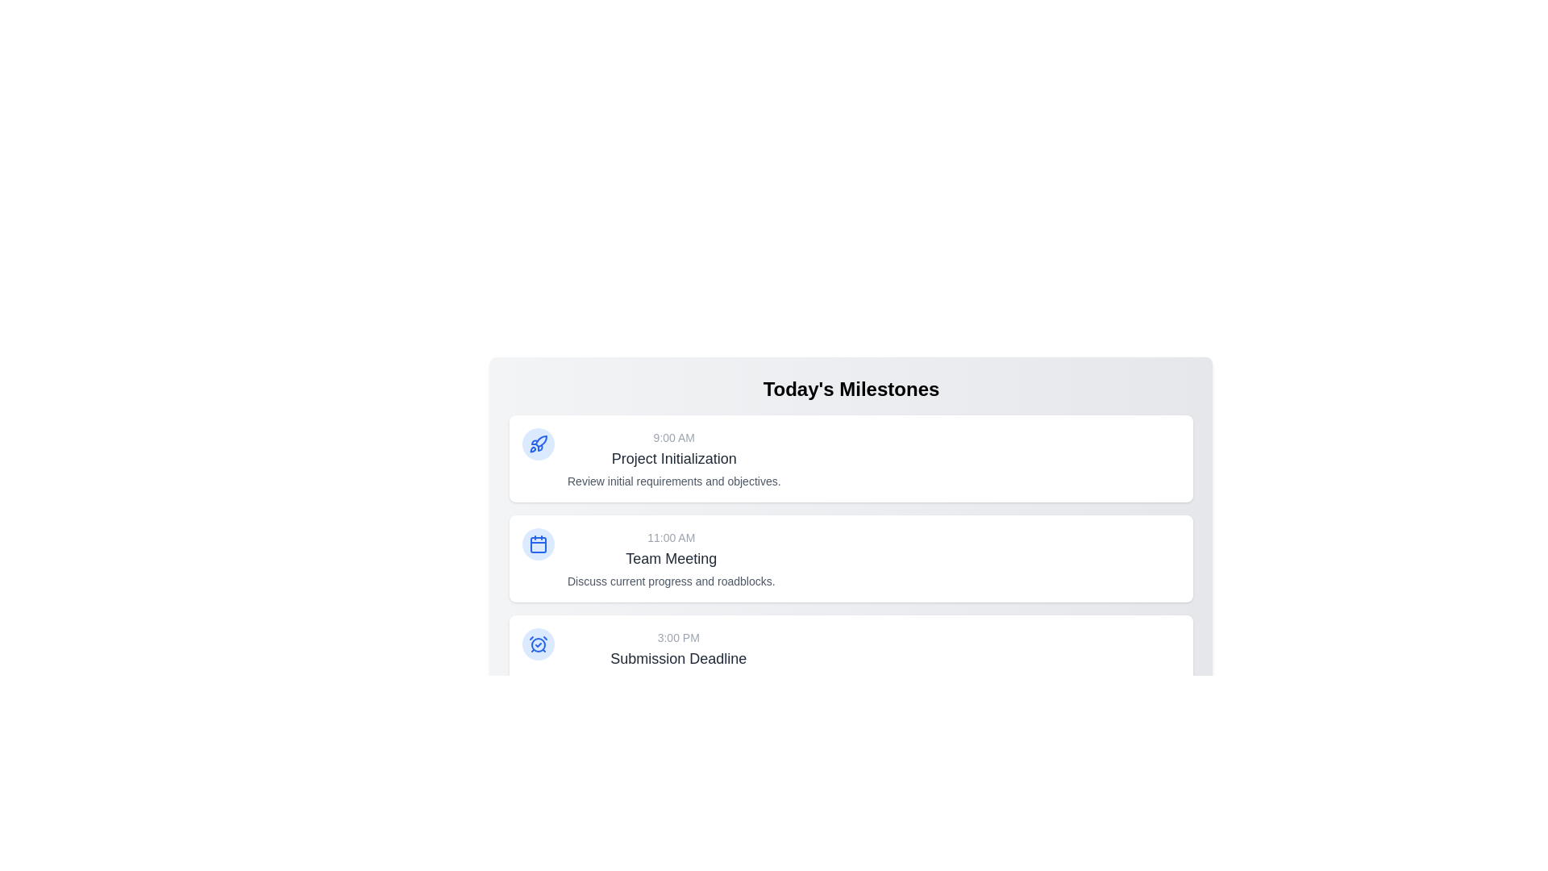 This screenshot has height=871, width=1548. I want to click on the alarm clock icon located at the top-left corner of the 'Submission Deadline' item, which visually indicates the submission time of '3:00 PM.', so click(538, 643).